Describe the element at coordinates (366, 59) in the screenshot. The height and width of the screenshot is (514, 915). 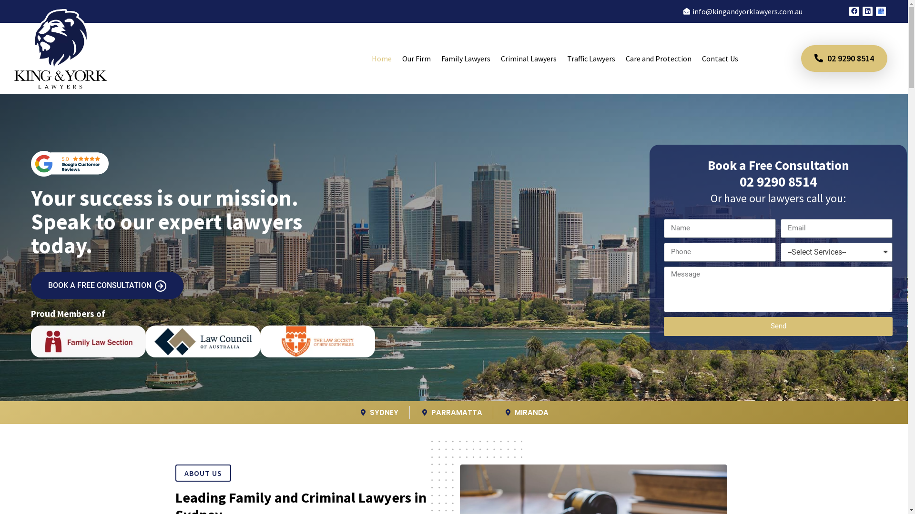
I see `'Home'` at that location.